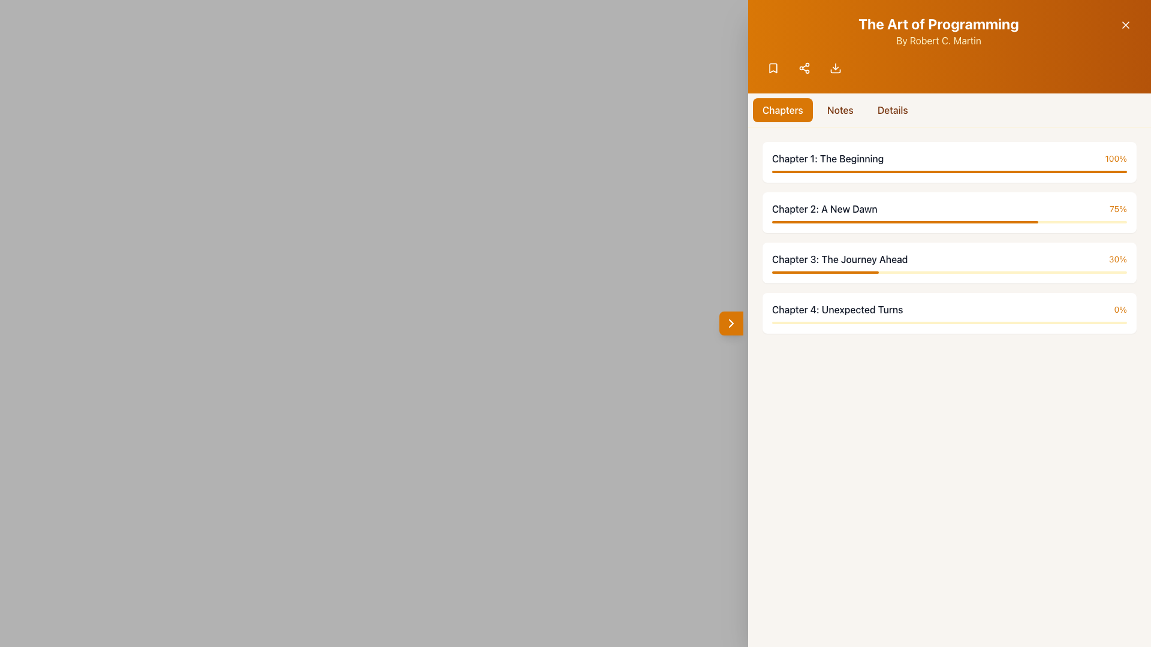 This screenshot has height=647, width=1151. What do you see at coordinates (1125, 25) in the screenshot?
I see `the small cross icon button located in the upper-right corner of the card displaying the book details` at bounding box center [1125, 25].